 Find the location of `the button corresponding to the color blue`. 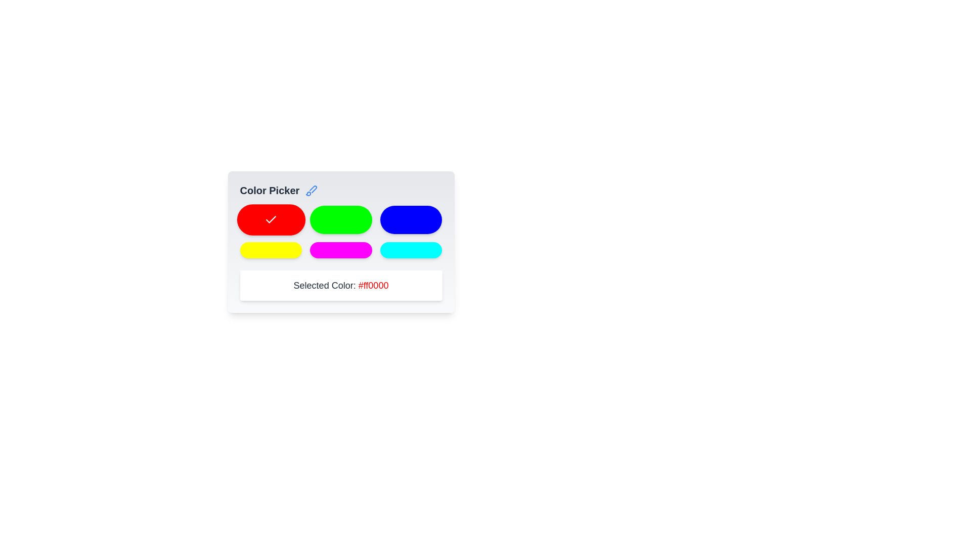

the button corresponding to the color blue is located at coordinates (411, 219).